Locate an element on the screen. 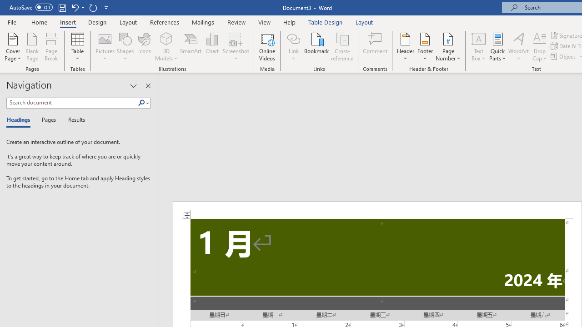 The image size is (582, 327). 'Layout' is located at coordinates (364, 22).